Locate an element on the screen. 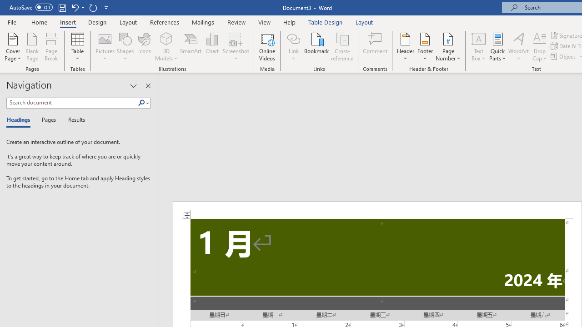 The image size is (582, 327). 'Layout' is located at coordinates (364, 22).